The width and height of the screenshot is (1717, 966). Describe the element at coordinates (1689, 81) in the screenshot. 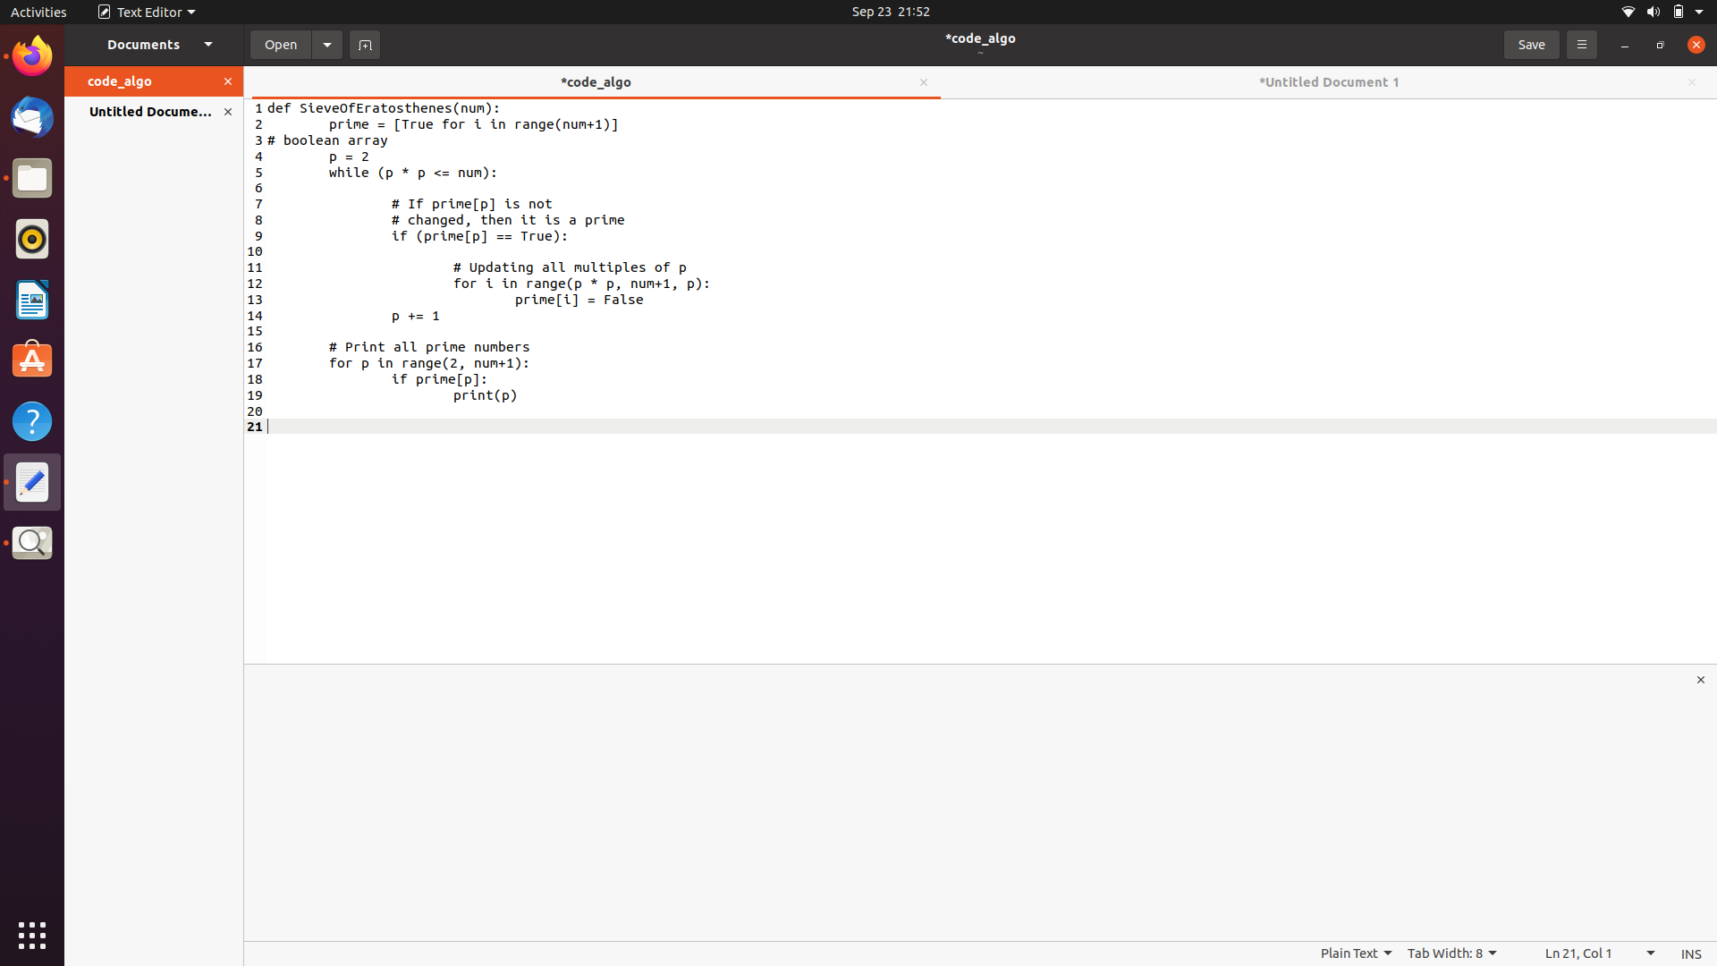

I see `Close the untitled document tab using the tab bar` at that location.